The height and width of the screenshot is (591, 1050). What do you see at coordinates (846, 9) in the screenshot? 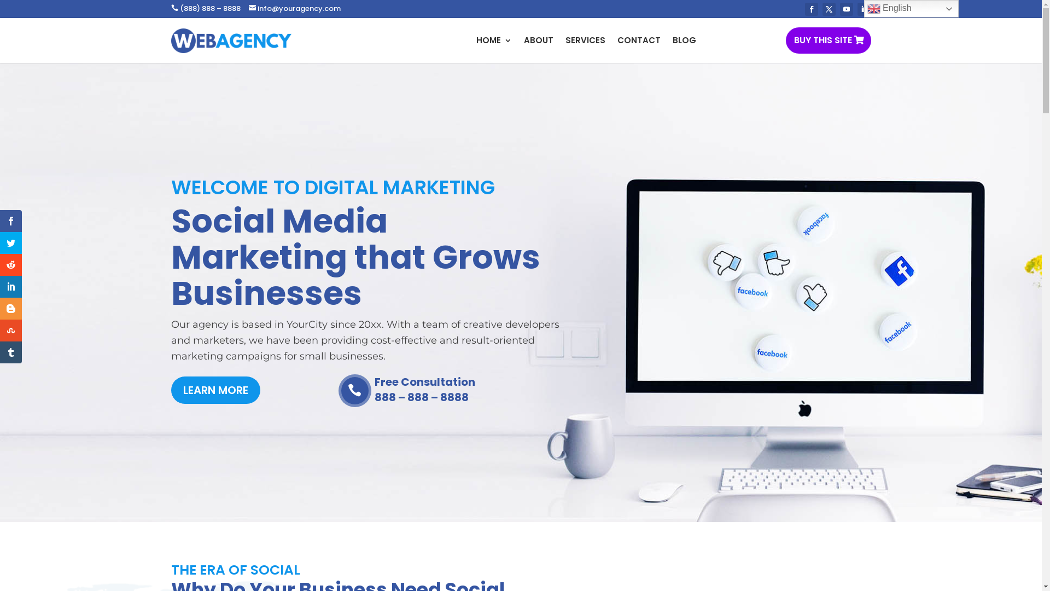
I see `'Follow on Youtube'` at bounding box center [846, 9].